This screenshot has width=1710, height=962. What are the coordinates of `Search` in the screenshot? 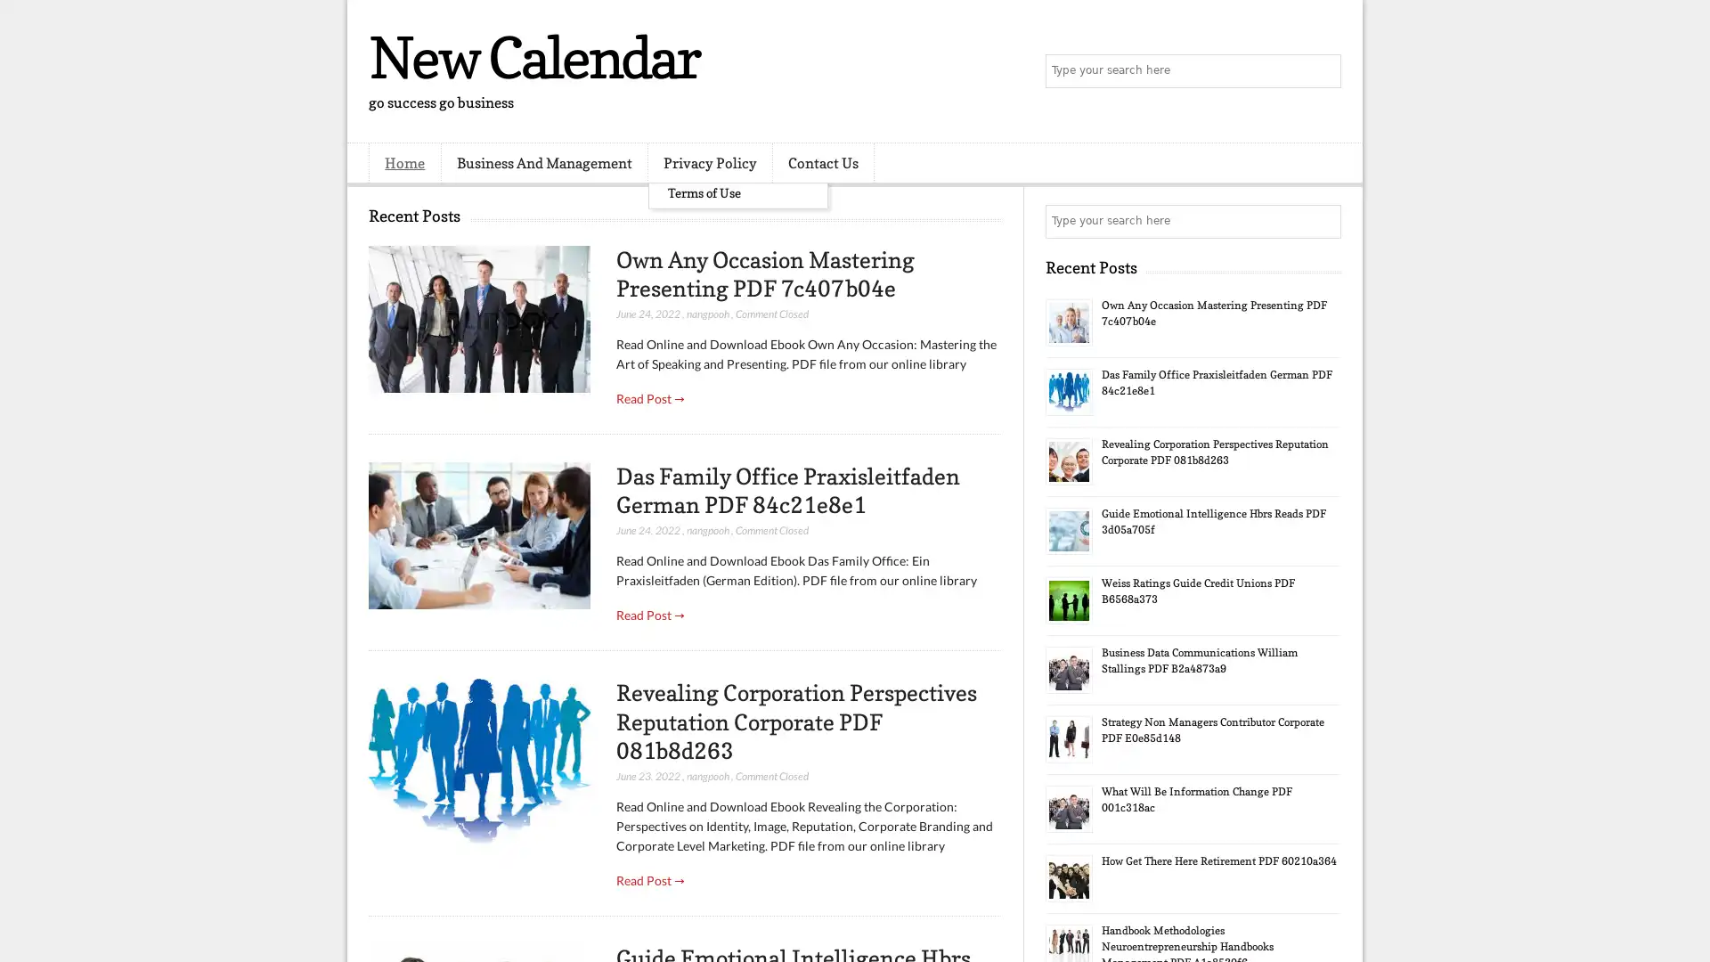 It's located at (1323, 71).